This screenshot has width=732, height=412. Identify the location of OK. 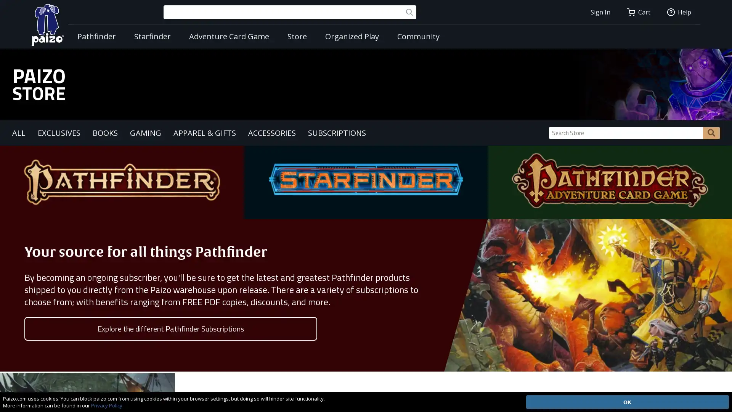
(627, 401).